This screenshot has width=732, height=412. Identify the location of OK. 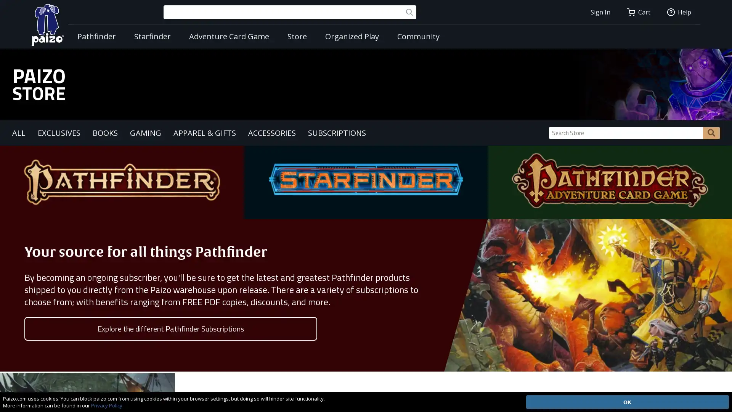
(627, 401).